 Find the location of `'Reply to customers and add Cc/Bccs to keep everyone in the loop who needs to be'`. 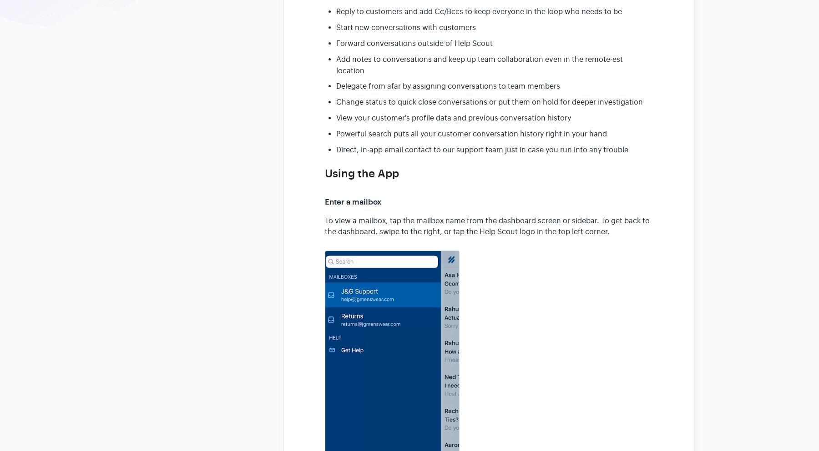

'Reply to customers and add Cc/Bccs to keep everyone in the loop who needs to be' is located at coordinates (336, 11).